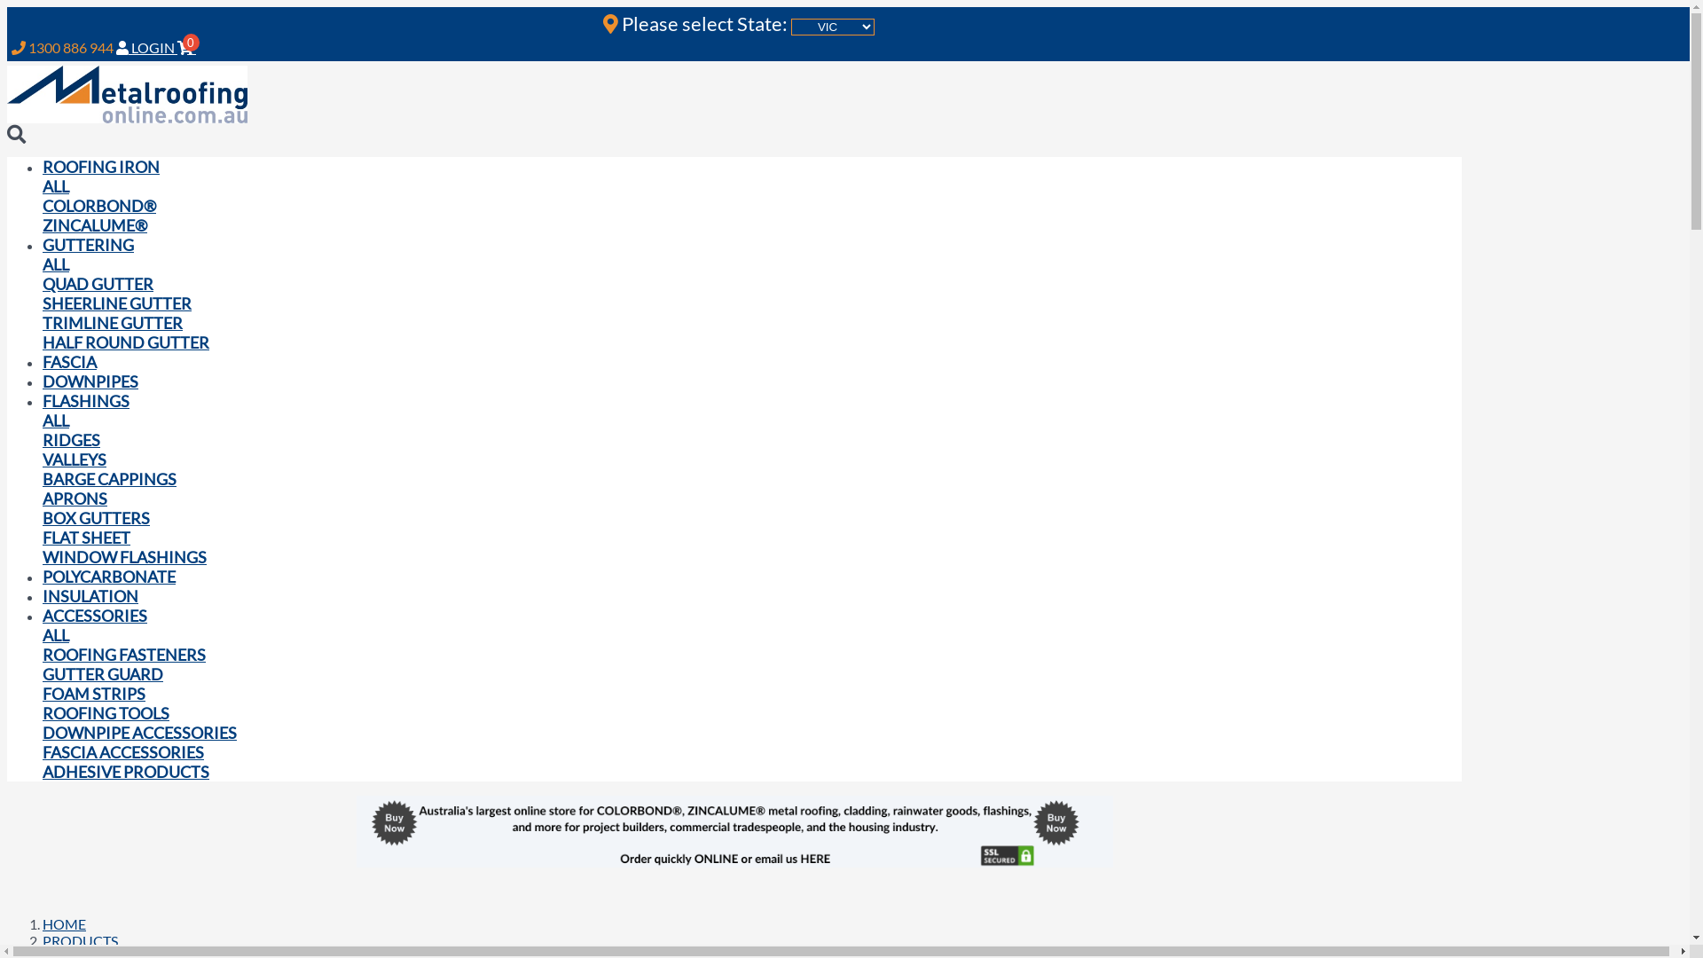 This screenshot has height=958, width=1703. What do you see at coordinates (138, 732) in the screenshot?
I see `'DOWNPIPE ACCESSORIES'` at bounding box center [138, 732].